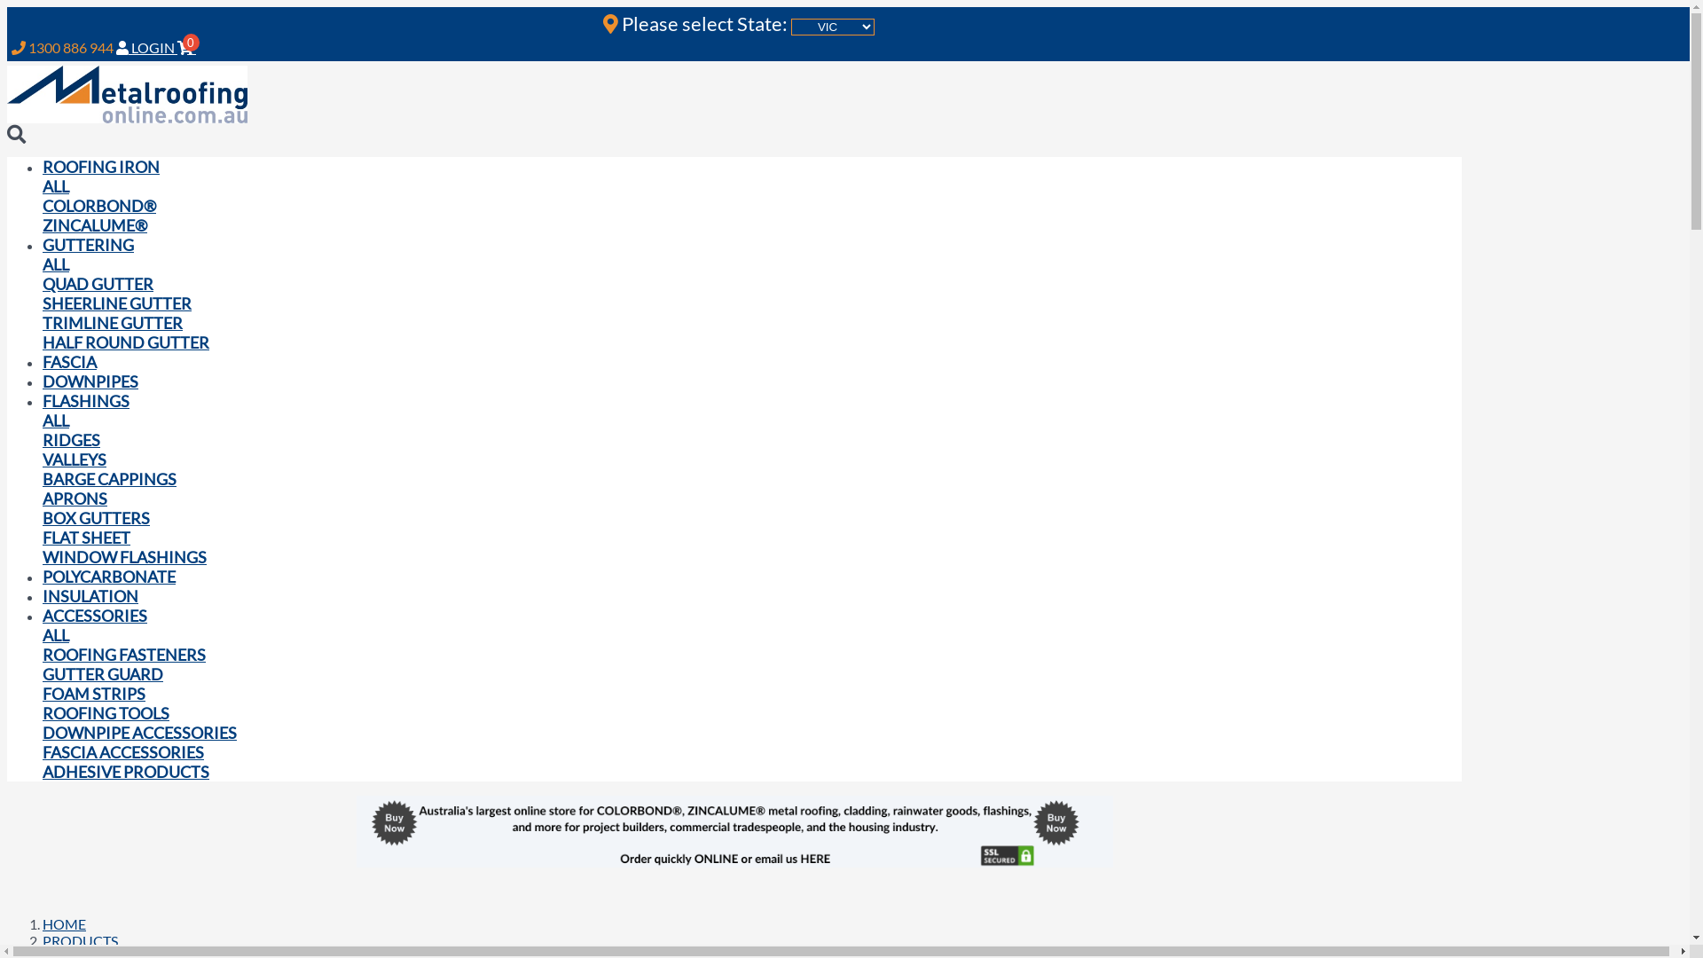 This screenshot has height=958, width=1703. What do you see at coordinates (138, 732) in the screenshot?
I see `'DOWNPIPE ACCESSORIES'` at bounding box center [138, 732].